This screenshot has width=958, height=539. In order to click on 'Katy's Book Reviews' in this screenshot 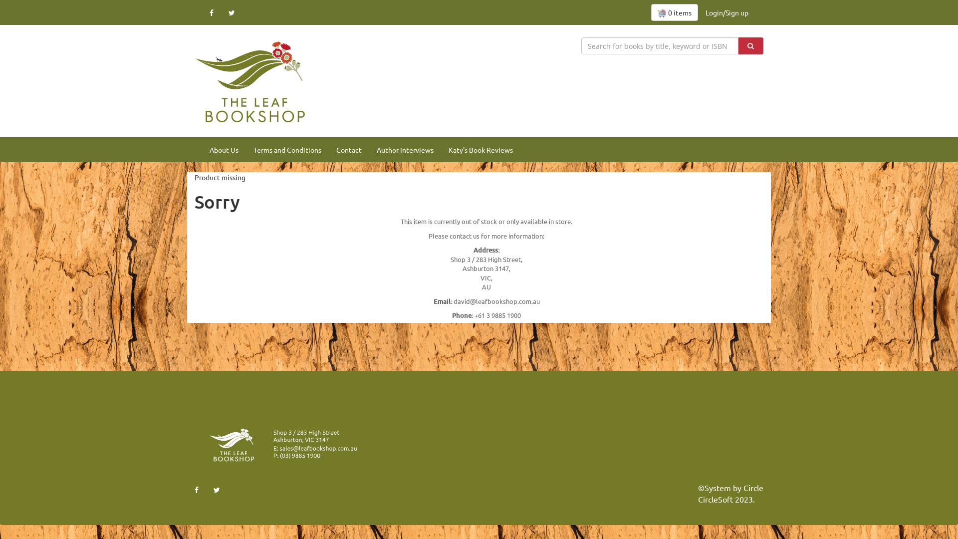, I will do `click(480, 150)`.